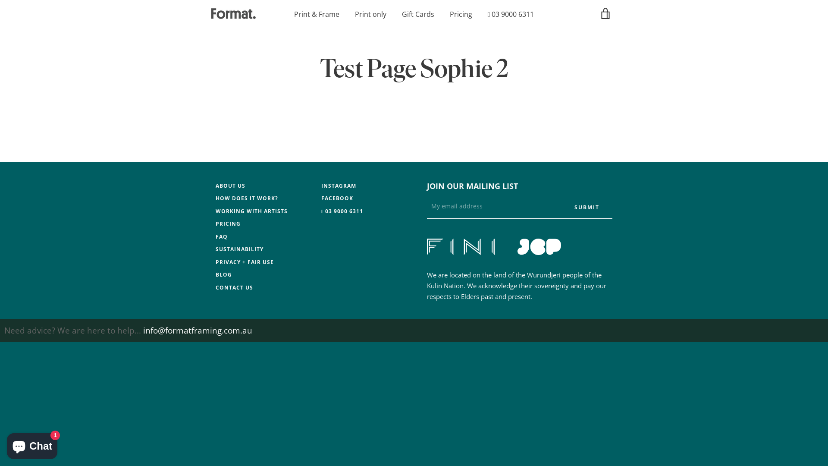  I want to click on 'VIEW CART', so click(605, 13).